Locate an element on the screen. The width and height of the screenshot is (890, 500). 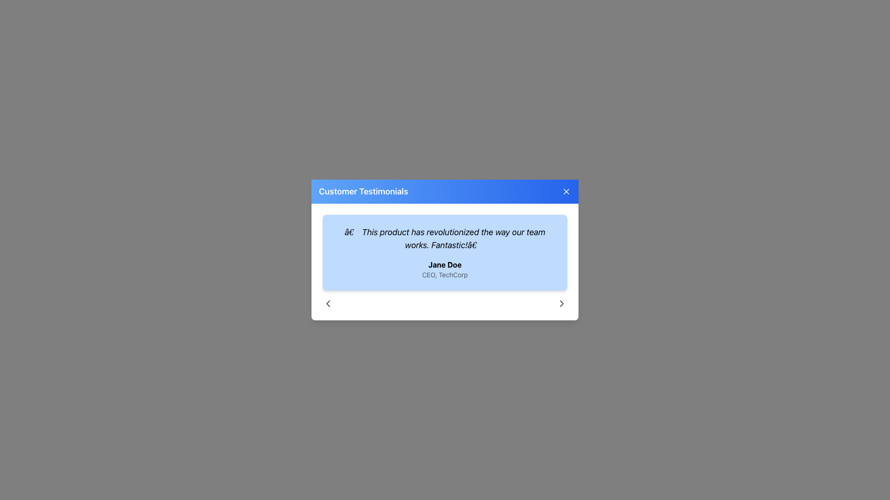
the Text Block displaying 'Jane Doe' and 'CEO, TechCorp' which is center-aligned in a light blue rectangular area below a testimonial text is located at coordinates (445, 269).